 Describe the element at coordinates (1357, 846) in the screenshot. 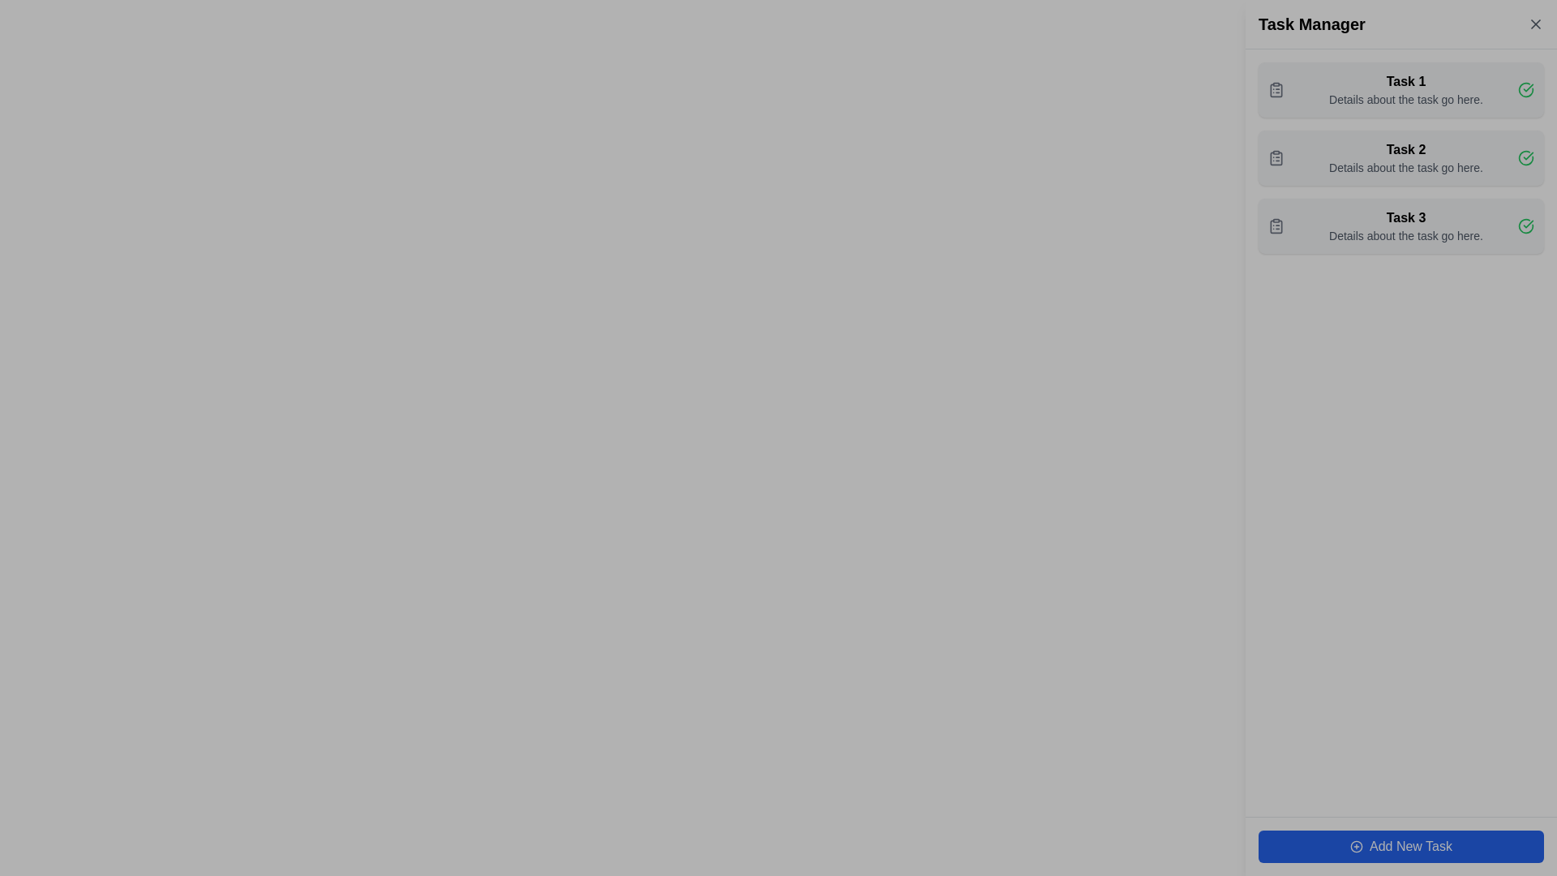

I see `the 'Add New Task' icon located to the left of the 'Add New Task' label on the button with a vibrant blue background at the bottom-right corner of the interface` at that location.